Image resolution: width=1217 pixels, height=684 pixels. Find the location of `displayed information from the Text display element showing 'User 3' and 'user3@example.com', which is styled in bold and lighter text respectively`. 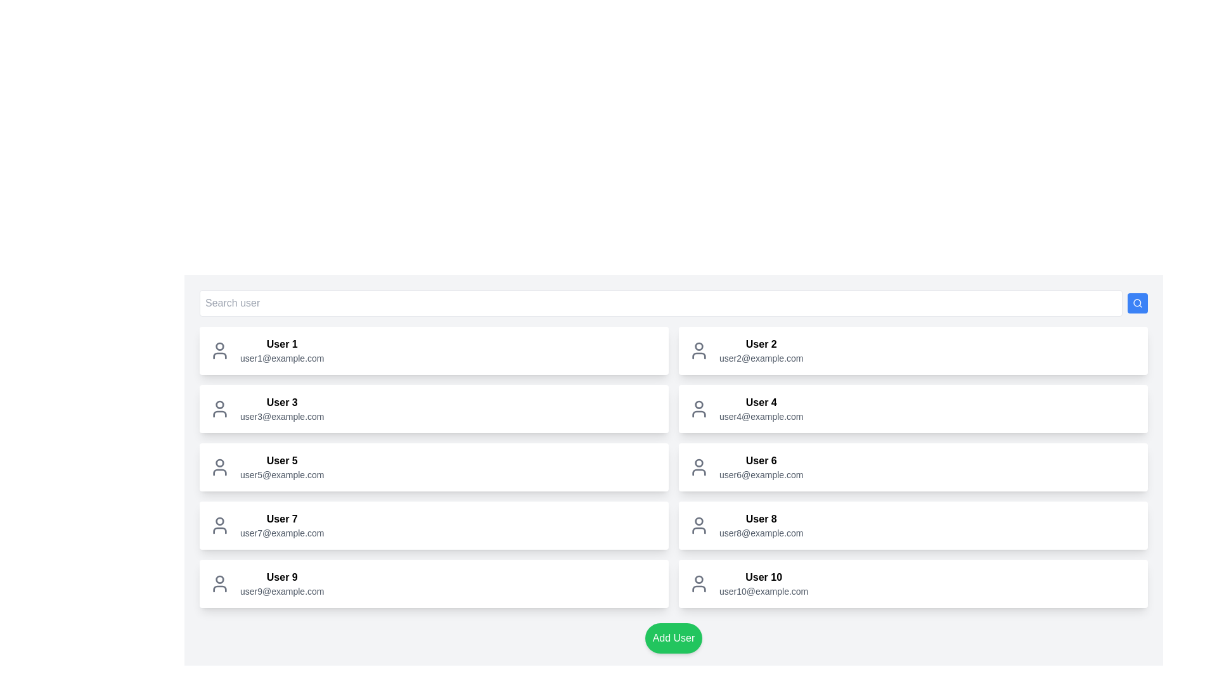

displayed information from the Text display element showing 'User 3' and 'user3@example.com', which is styled in bold and lighter text respectively is located at coordinates (281, 408).